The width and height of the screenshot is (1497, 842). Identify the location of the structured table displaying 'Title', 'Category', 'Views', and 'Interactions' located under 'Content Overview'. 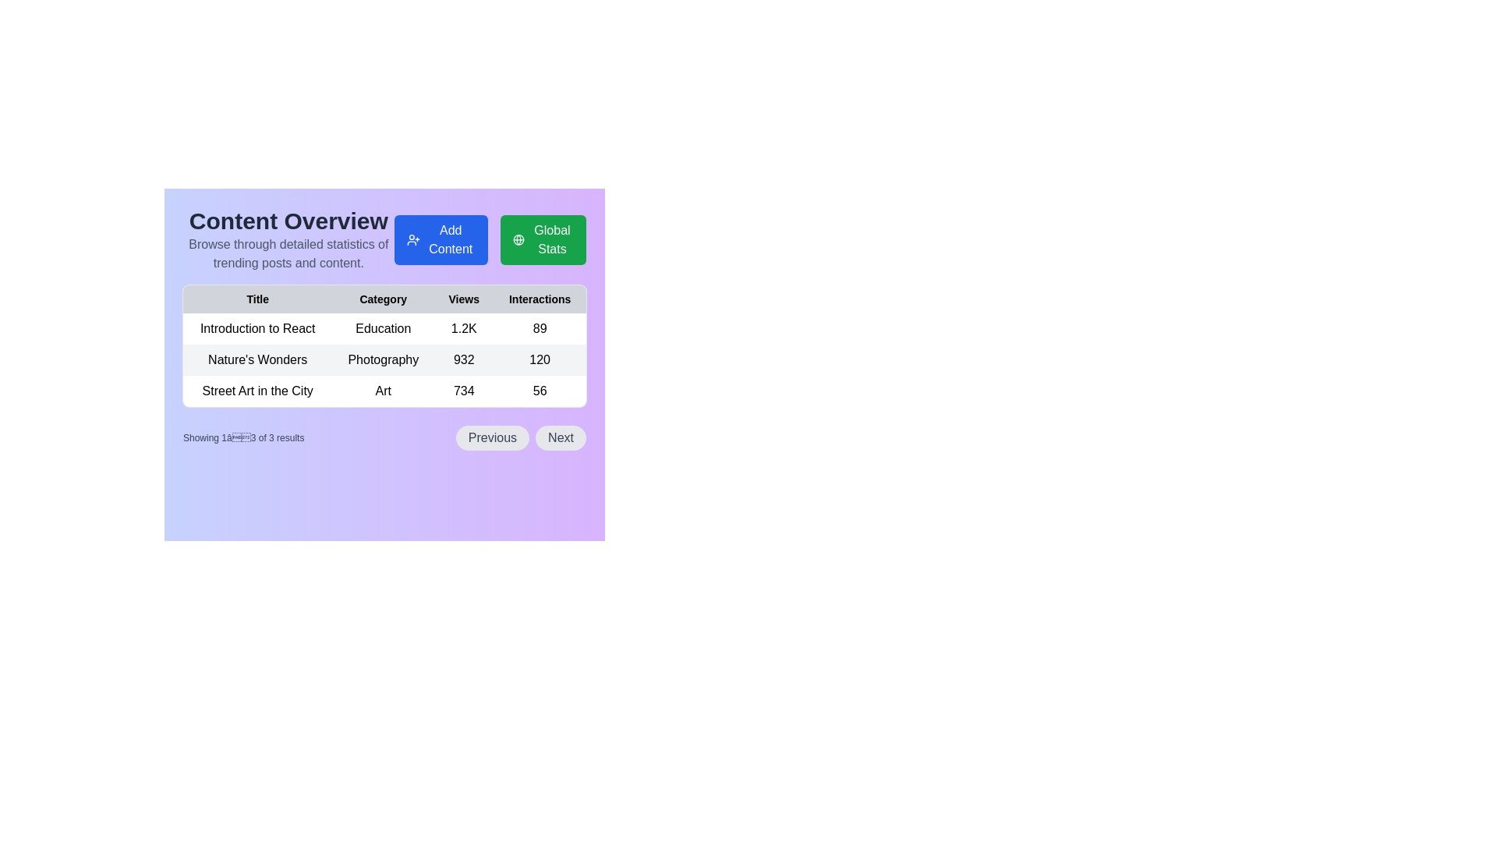
(384, 345).